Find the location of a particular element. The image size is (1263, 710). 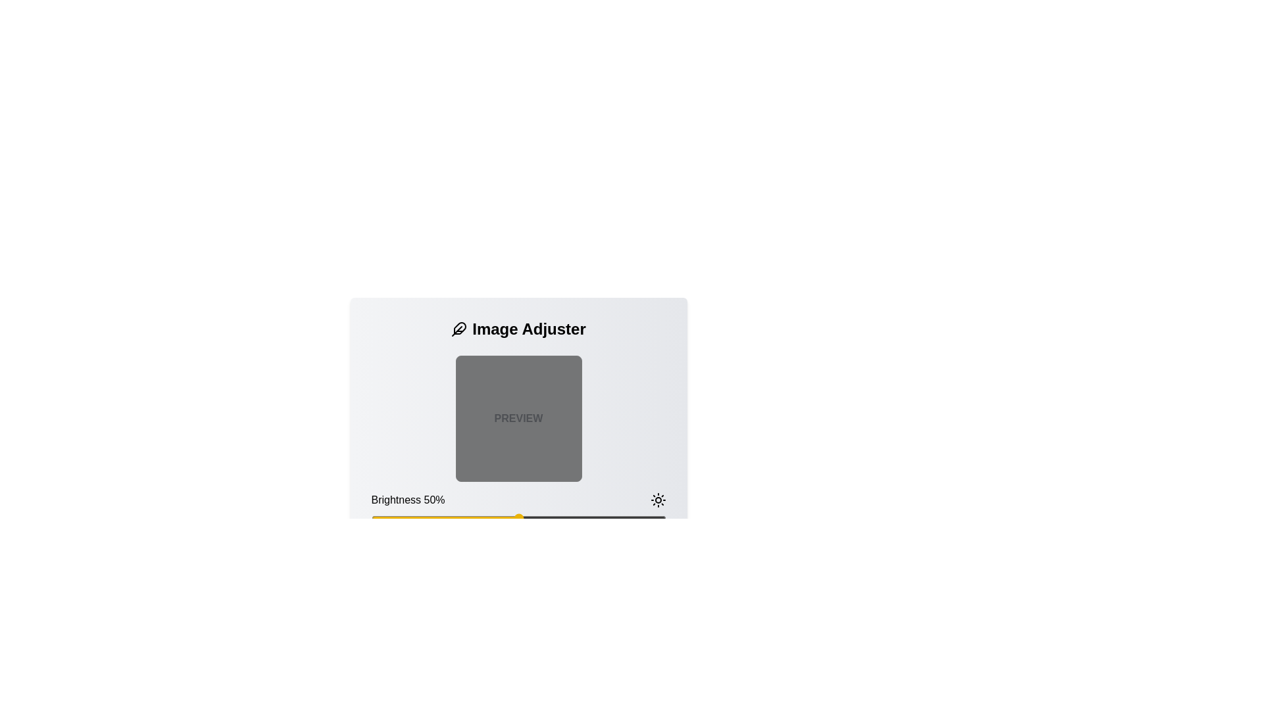

the brightness slider is located at coordinates (491, 569).